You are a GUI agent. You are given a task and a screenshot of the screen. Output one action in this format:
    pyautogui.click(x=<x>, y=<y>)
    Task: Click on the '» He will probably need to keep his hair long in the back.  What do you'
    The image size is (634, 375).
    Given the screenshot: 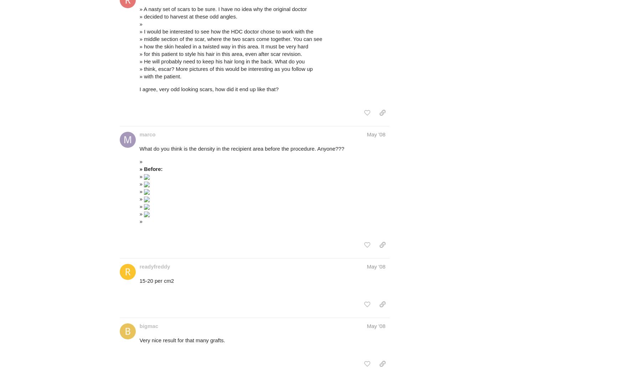 What is the action you would take?
    pyautogui.click(x=222, y=61)
    